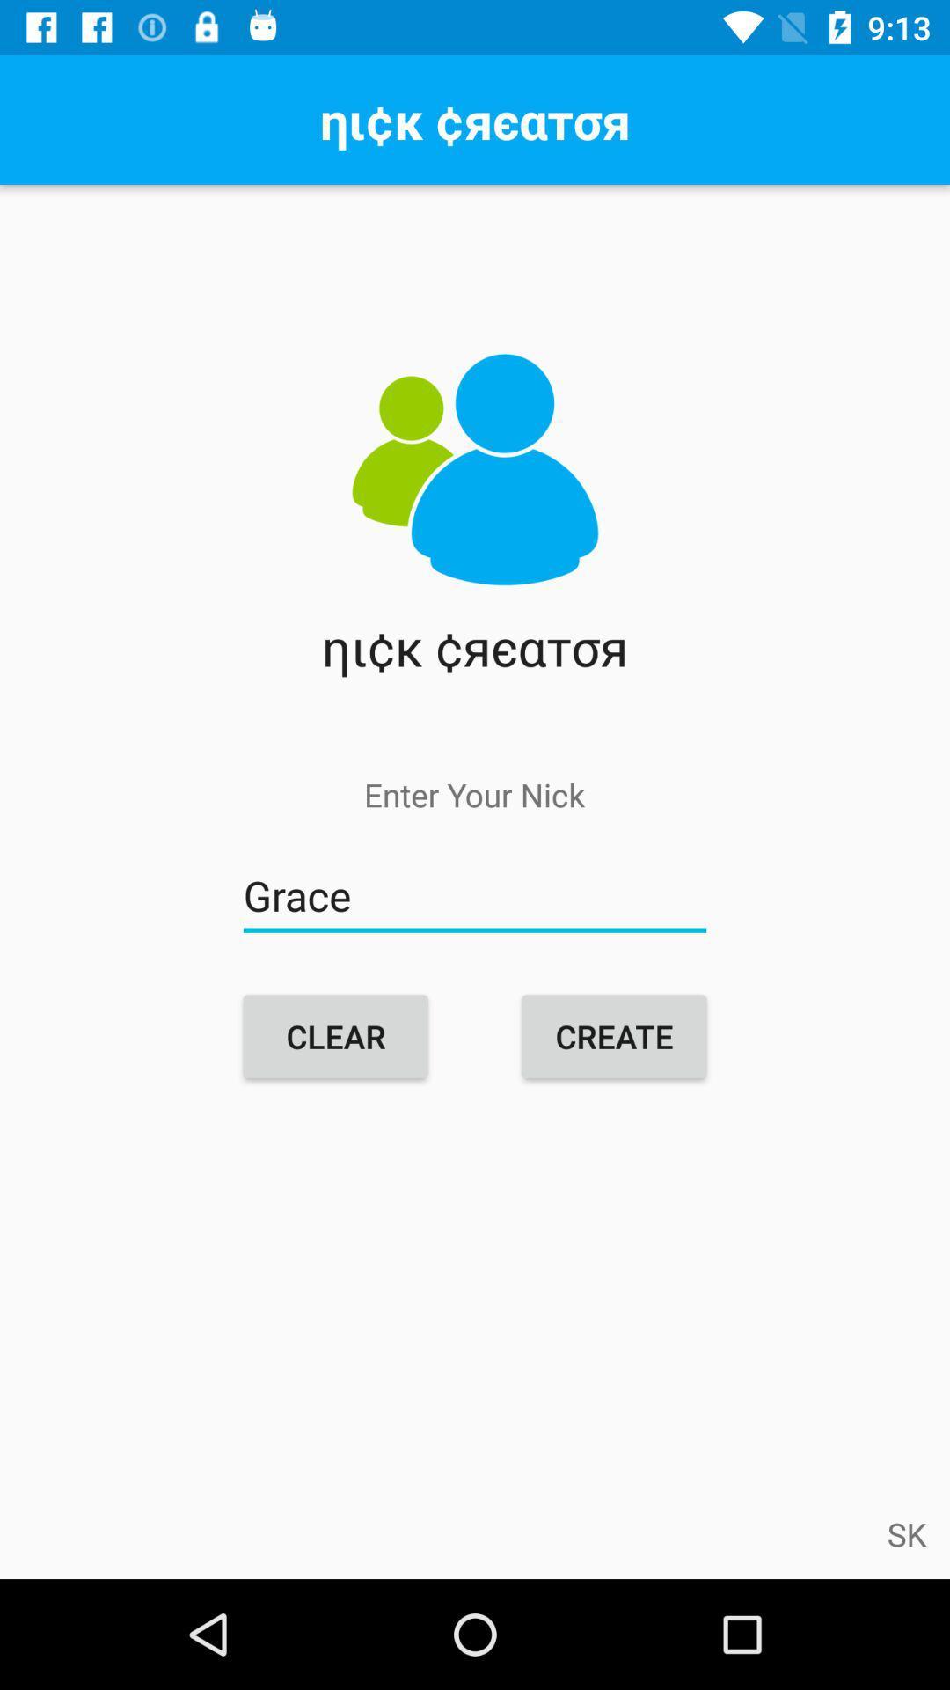  Describe the element at coordinates (613, 1036) in the screenshot. I see `item below grace` at that location.